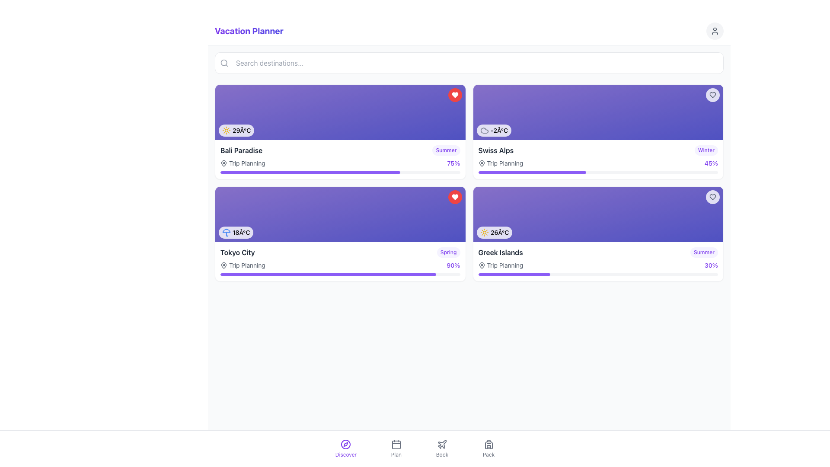  Describe the element at coordinates (396, 448) in the screenshot. I see `the 'Plan' button located in the bottom navbar, which features a calendar icon above the text 'Plan'` at that location.